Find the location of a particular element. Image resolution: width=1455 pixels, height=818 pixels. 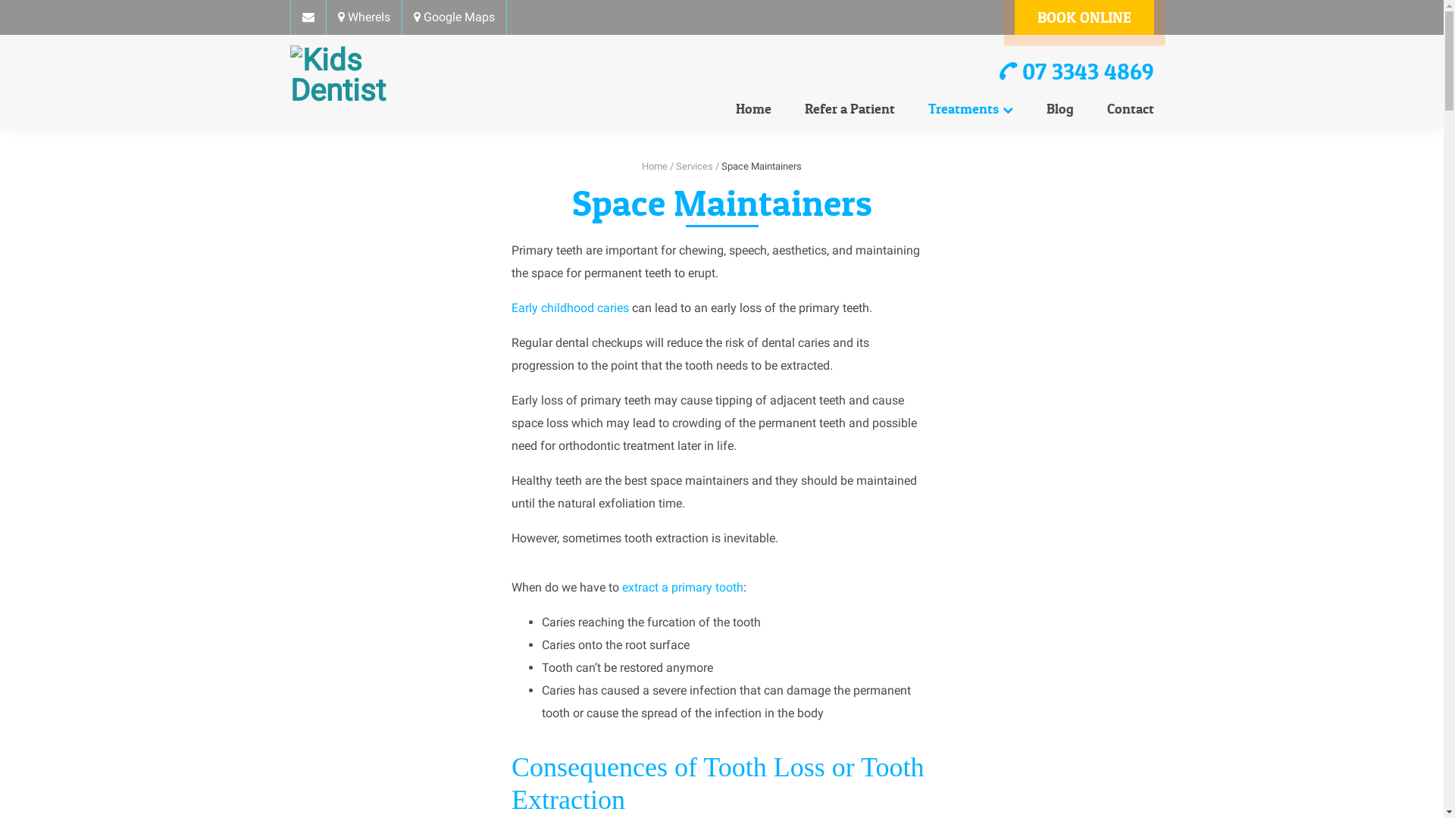

'extract a primary tooth' is located at coordinates (682, 586).